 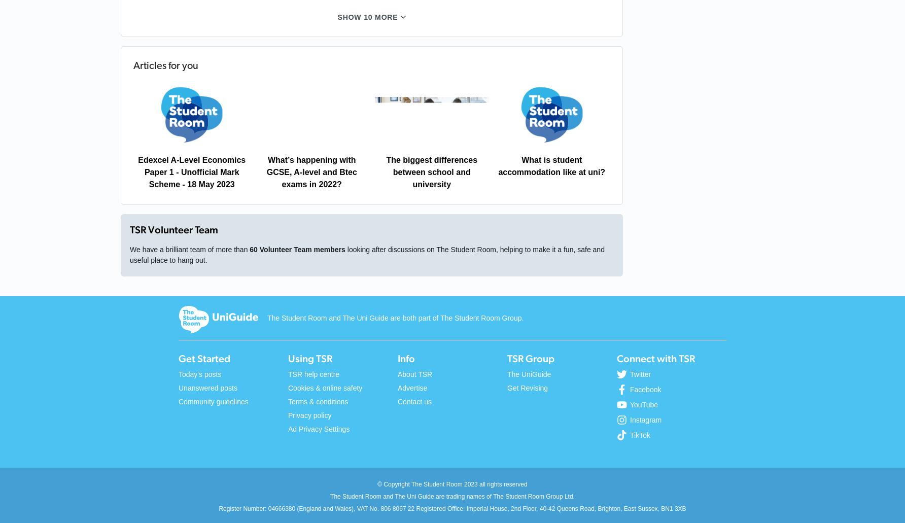 I want to click on 'Today's posts', so click(x=178, y=373).